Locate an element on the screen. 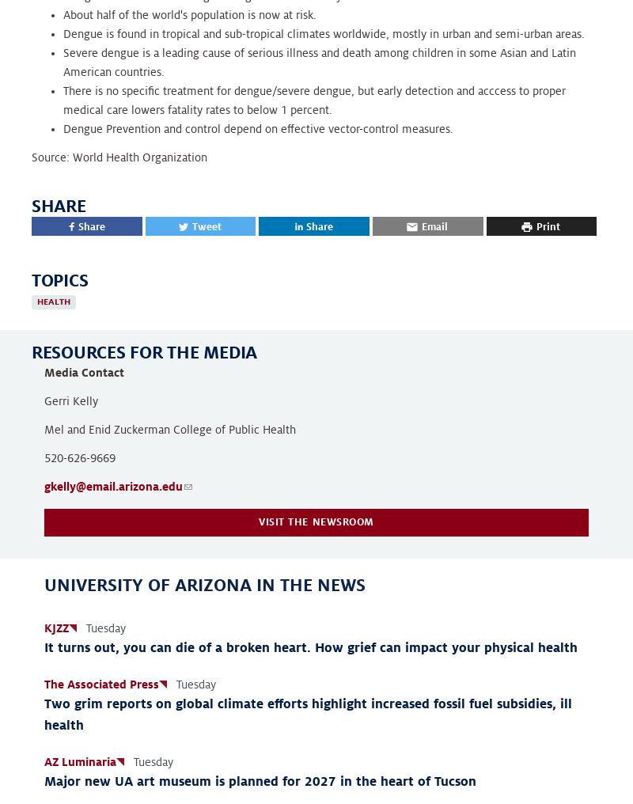 The width and height of the screenshot is (633, 804). 'Visit the newsroom' is located at coordinates (315, 521).